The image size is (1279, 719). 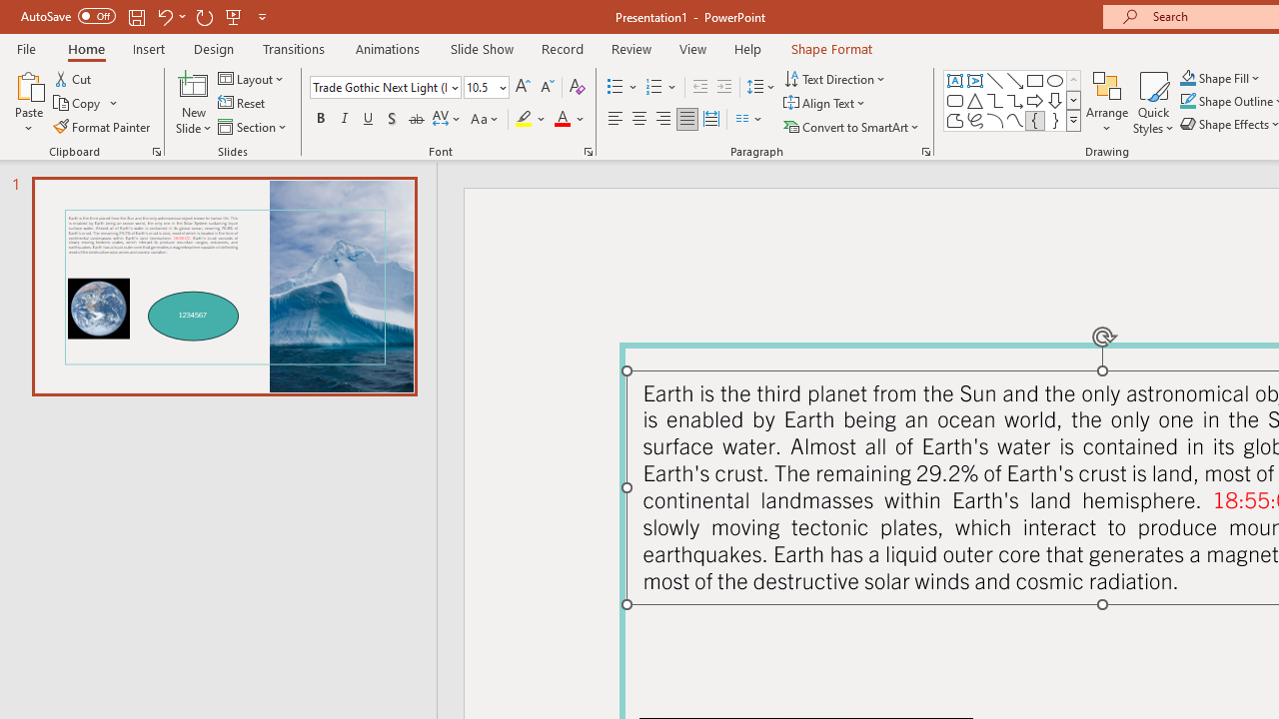 What do you see at coordinates (78, 103) in the screenshot?
I see `'Copy'` at bounding box center [78, 103].